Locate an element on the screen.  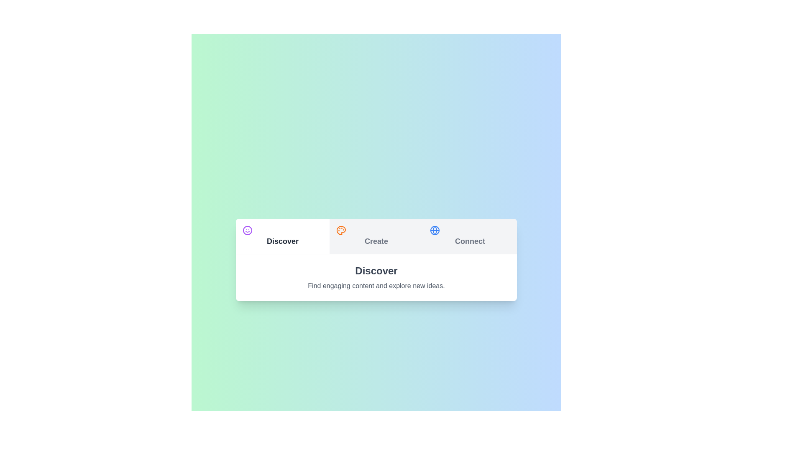
the Create tab to switch content is located at coordinates (376, 236).